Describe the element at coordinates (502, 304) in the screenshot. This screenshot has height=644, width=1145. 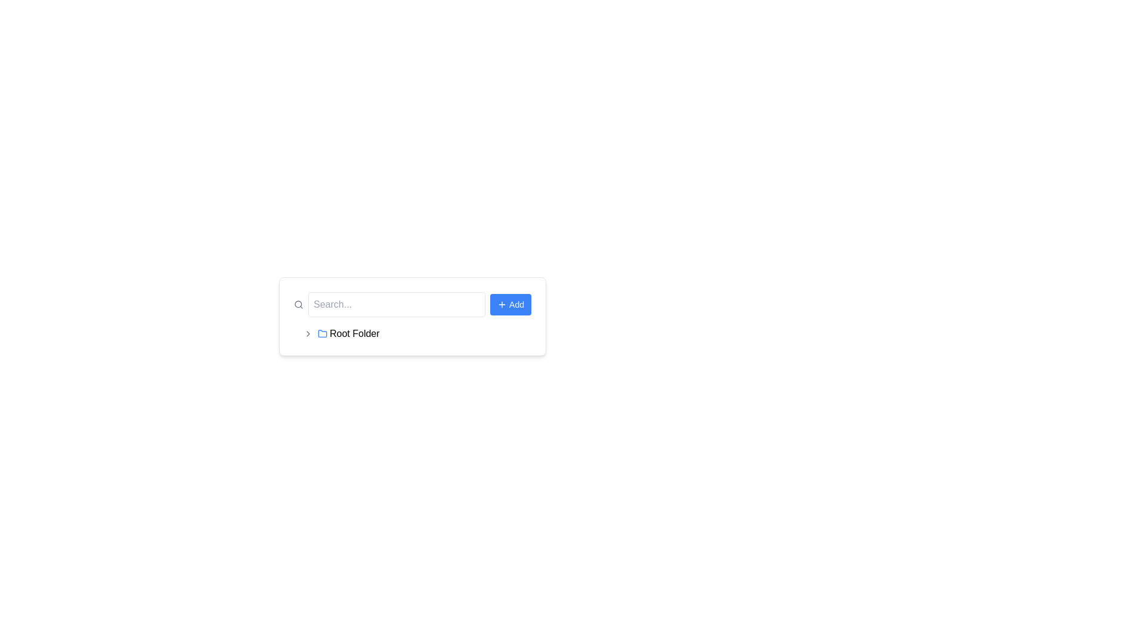
I see `the SVG icon of a plus sign, which is located to the left of the 'Add' button, characterized by its thin, light gray lines and rounded ends` at that location.